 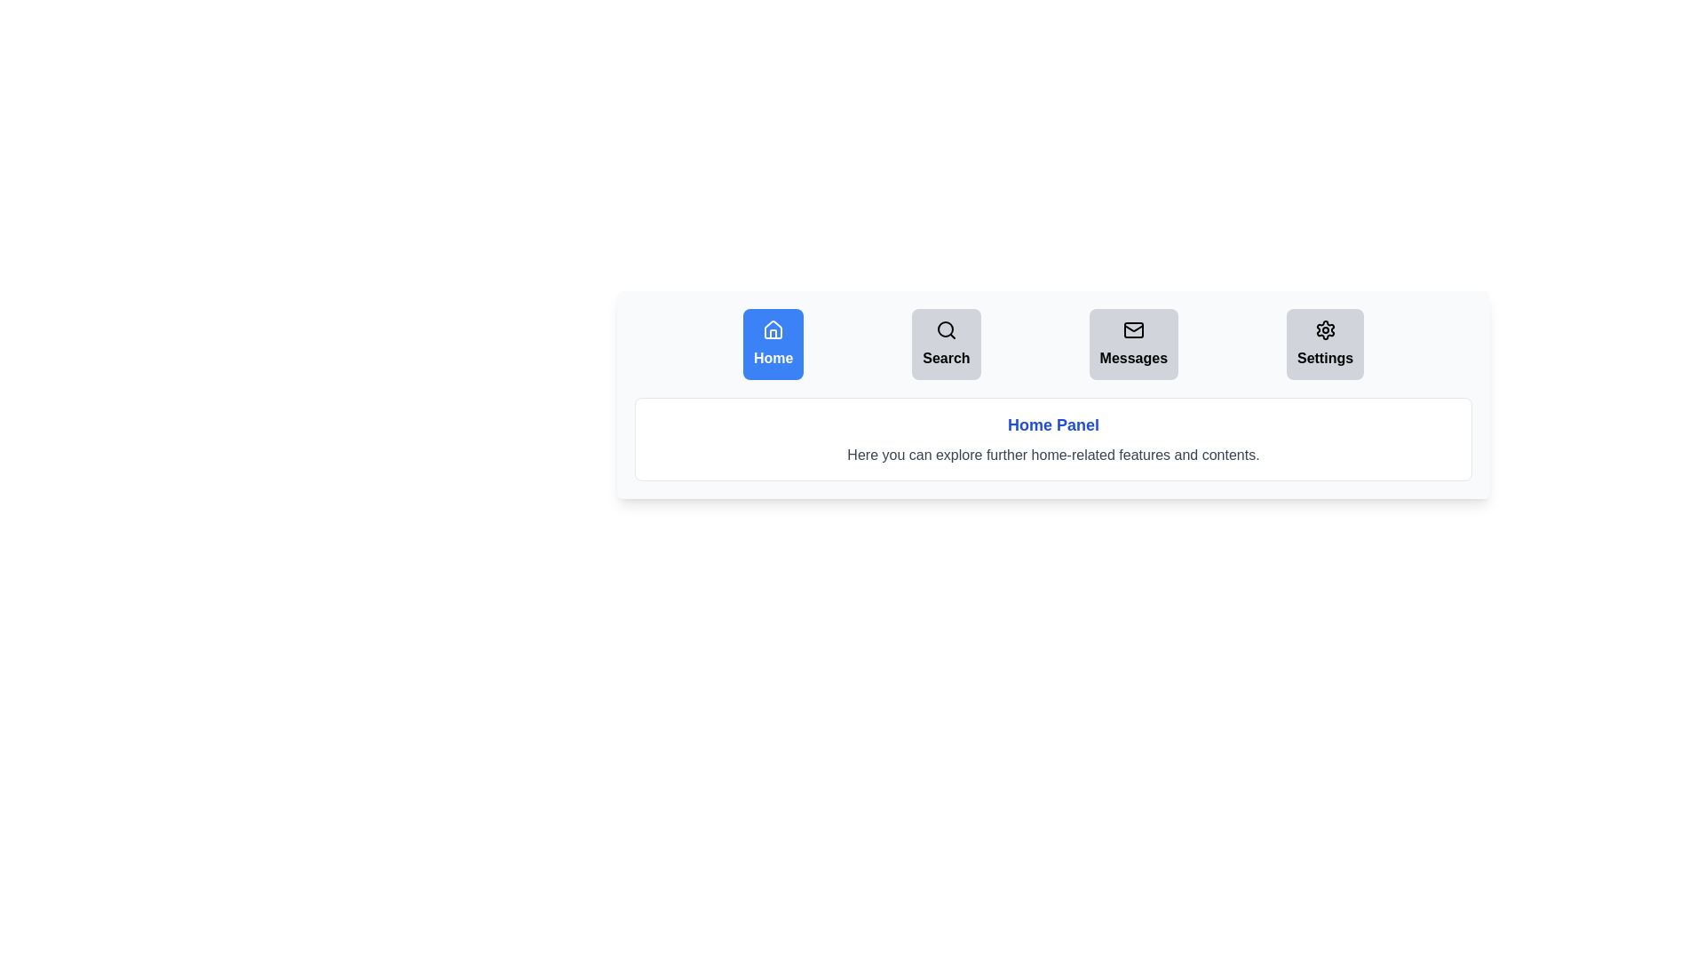 What do you see at coordinates (1325, 329) in the screenshot?
I see `the gear-shaped icon within the 'Settings' button in the navigation bar` at bounding box center [1325, 329].